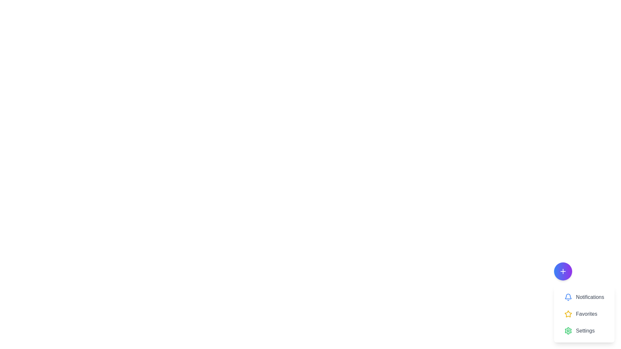 The height and width of the screenshot is (349, 621). Describe the element at coordinates (568, 297) in the screenshot. I see `the blue outlined bell-shaped icon located to the left of the 'Notifications' text` at that location.